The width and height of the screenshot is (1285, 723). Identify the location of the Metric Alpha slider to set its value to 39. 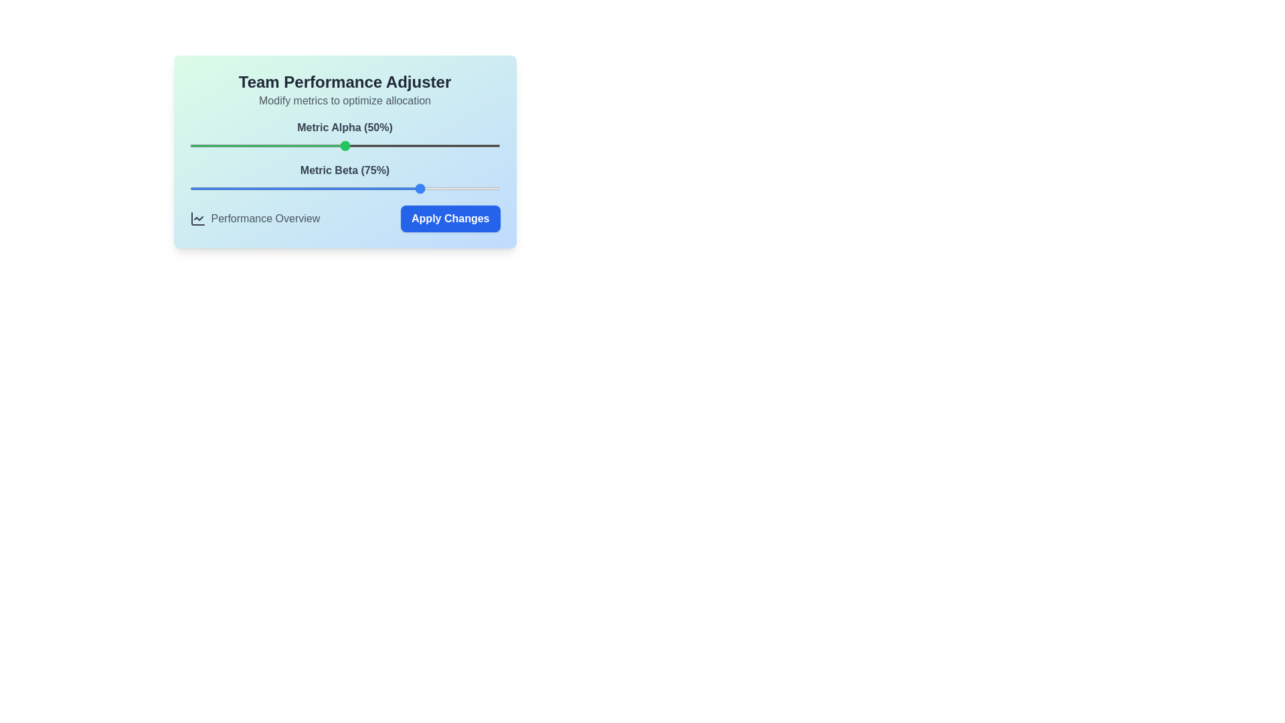
(310, 146).